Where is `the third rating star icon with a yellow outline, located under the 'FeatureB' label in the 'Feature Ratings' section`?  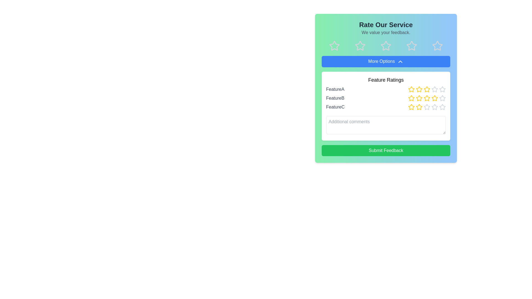
the third rating star icon with a yellow outline, located under the 'FeatureB' label in the 'Feature Ratings' section is located at coordinates (426, 98).